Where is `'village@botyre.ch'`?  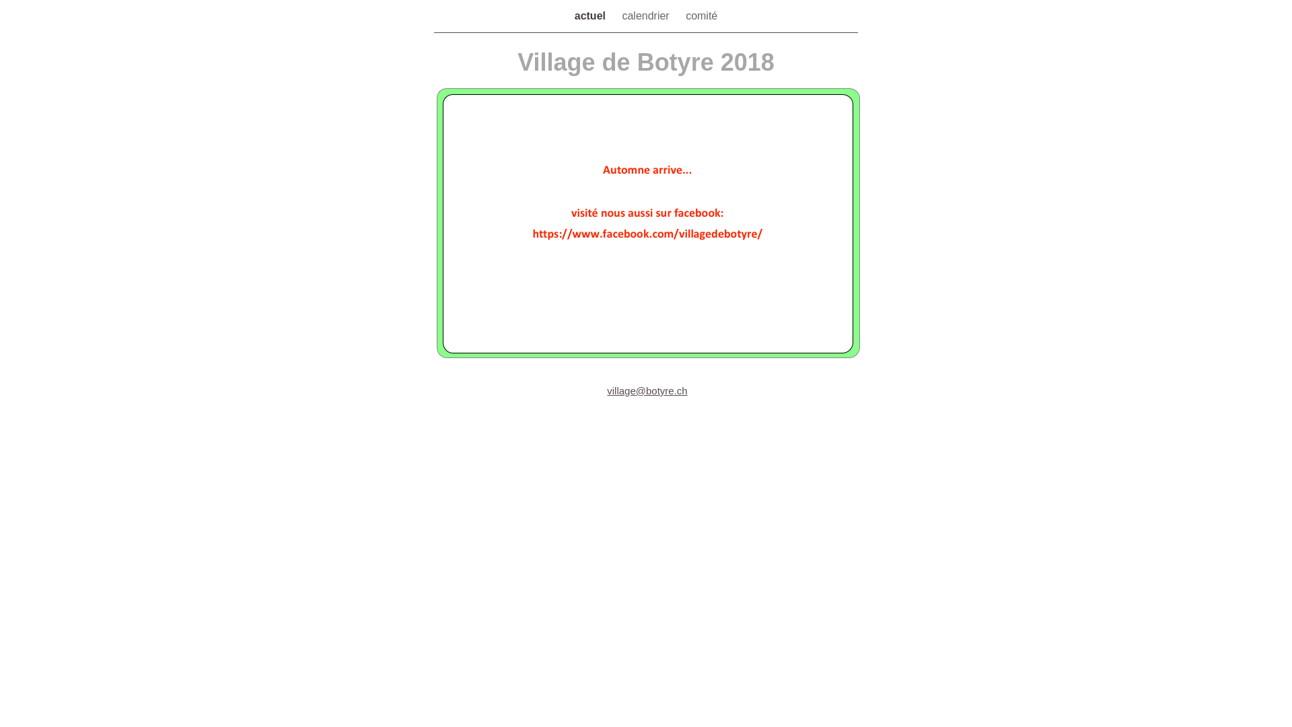
'village@botyre.ch' is located at coordinates (647, 390).